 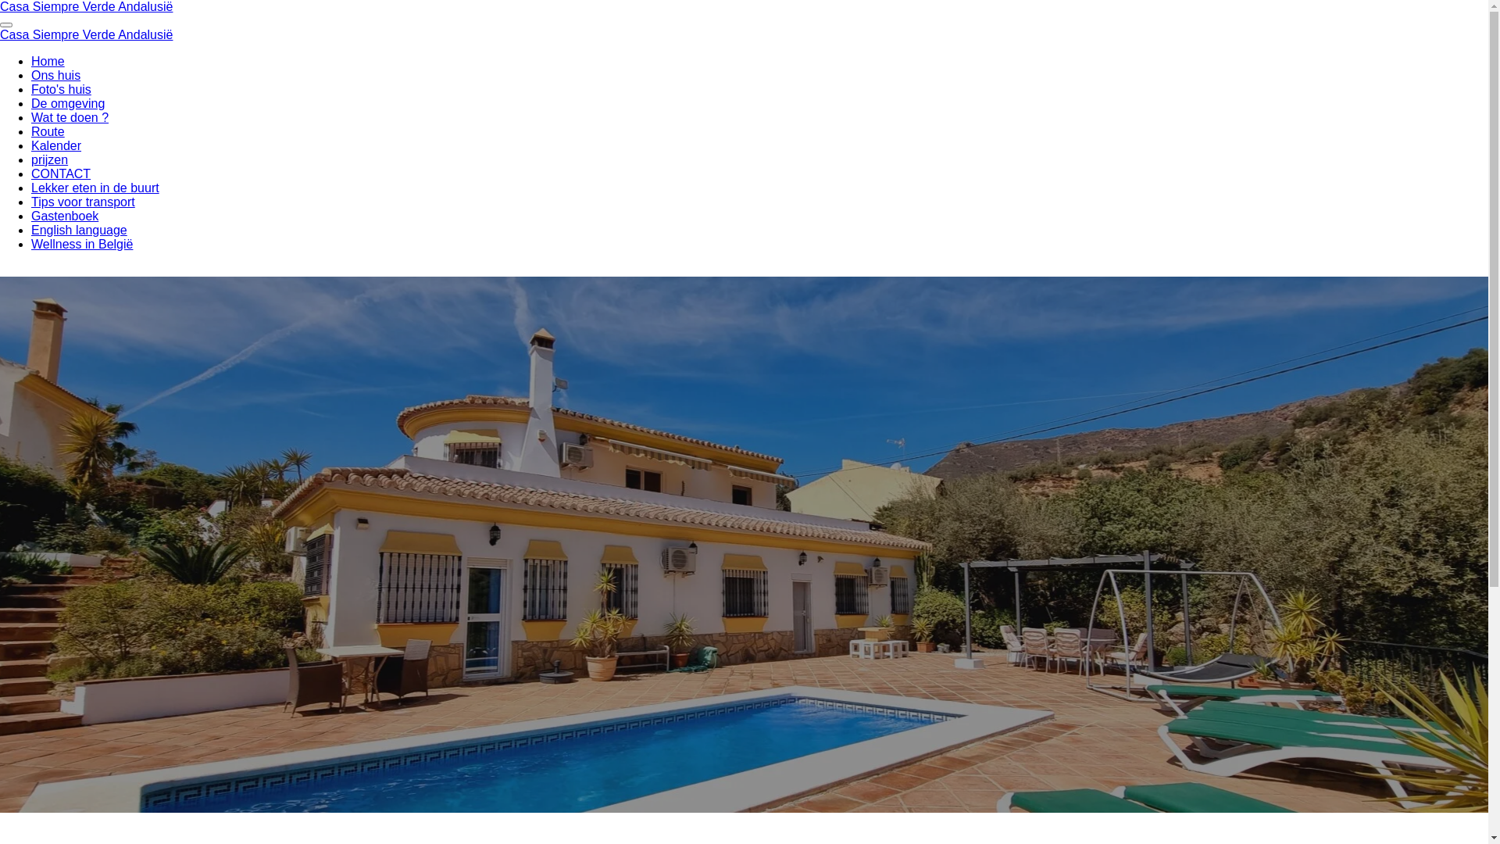 What do you see at coordinates (49, 159) in the screenshot?
I see `'prijzen'` at bounding box center [49, 159].